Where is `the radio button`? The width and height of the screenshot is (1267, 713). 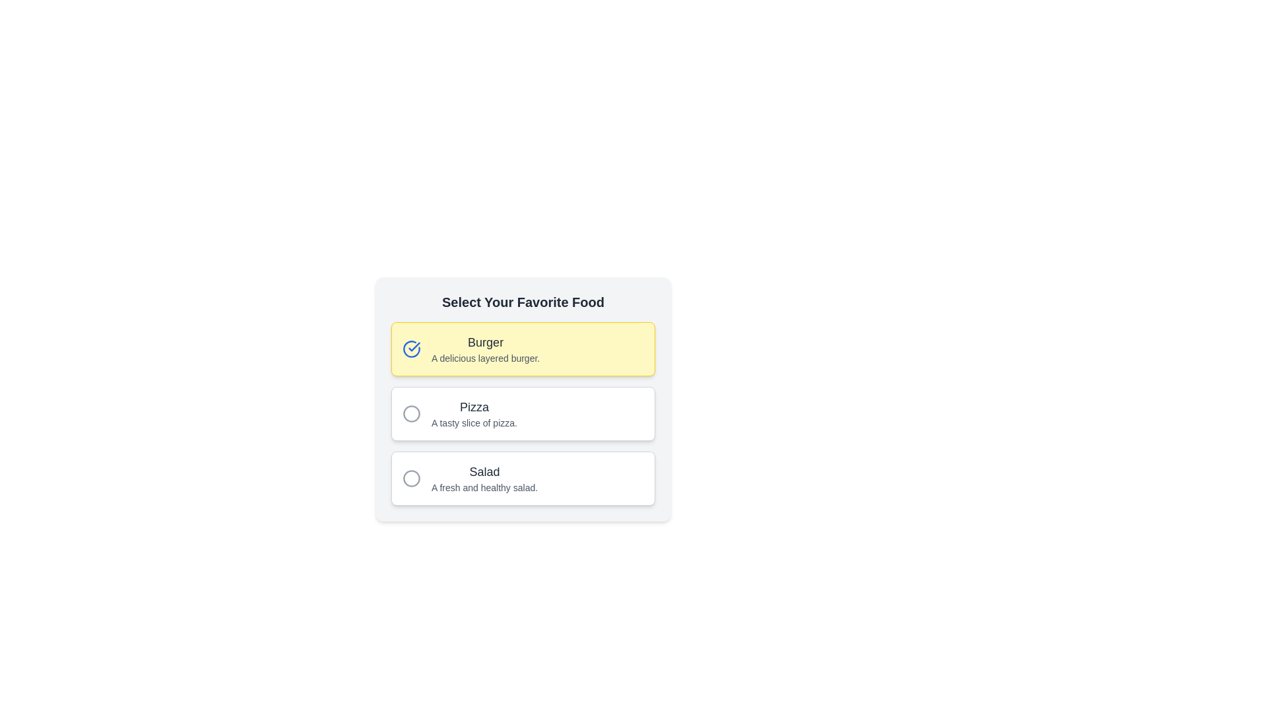
the radio button is located at coordinates (411, 479).